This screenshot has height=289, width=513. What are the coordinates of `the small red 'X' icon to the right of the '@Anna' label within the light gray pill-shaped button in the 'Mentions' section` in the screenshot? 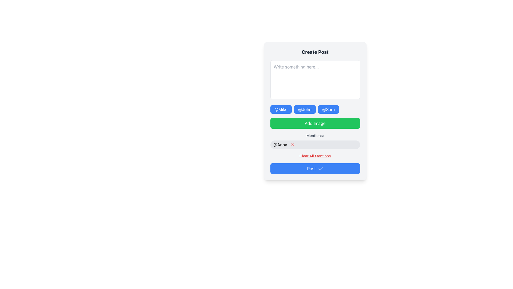 It's located at (292, 144).